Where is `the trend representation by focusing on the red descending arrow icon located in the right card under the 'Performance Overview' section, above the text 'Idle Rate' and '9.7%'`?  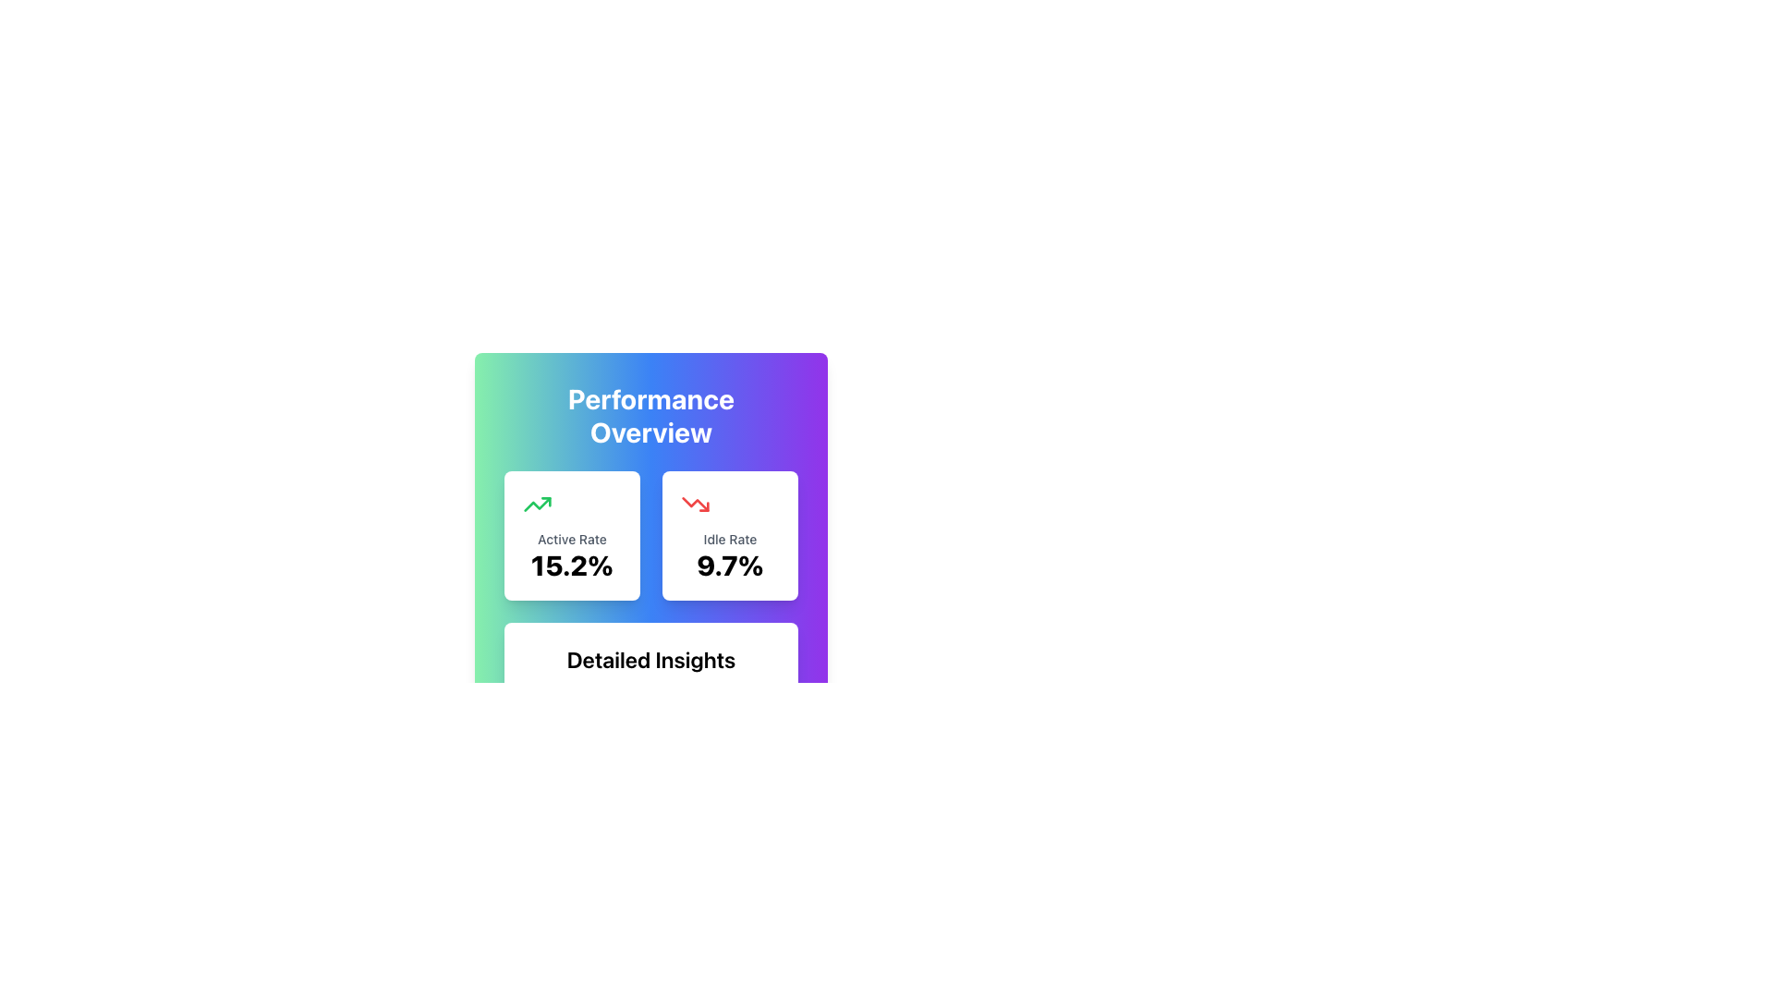 the trend representation by focusing on the red descending arrow icon located in the right card under the 'Performance Overview' section, above the text 'Idle Rate' and '9.7%' is located at coordinates (695, 505).